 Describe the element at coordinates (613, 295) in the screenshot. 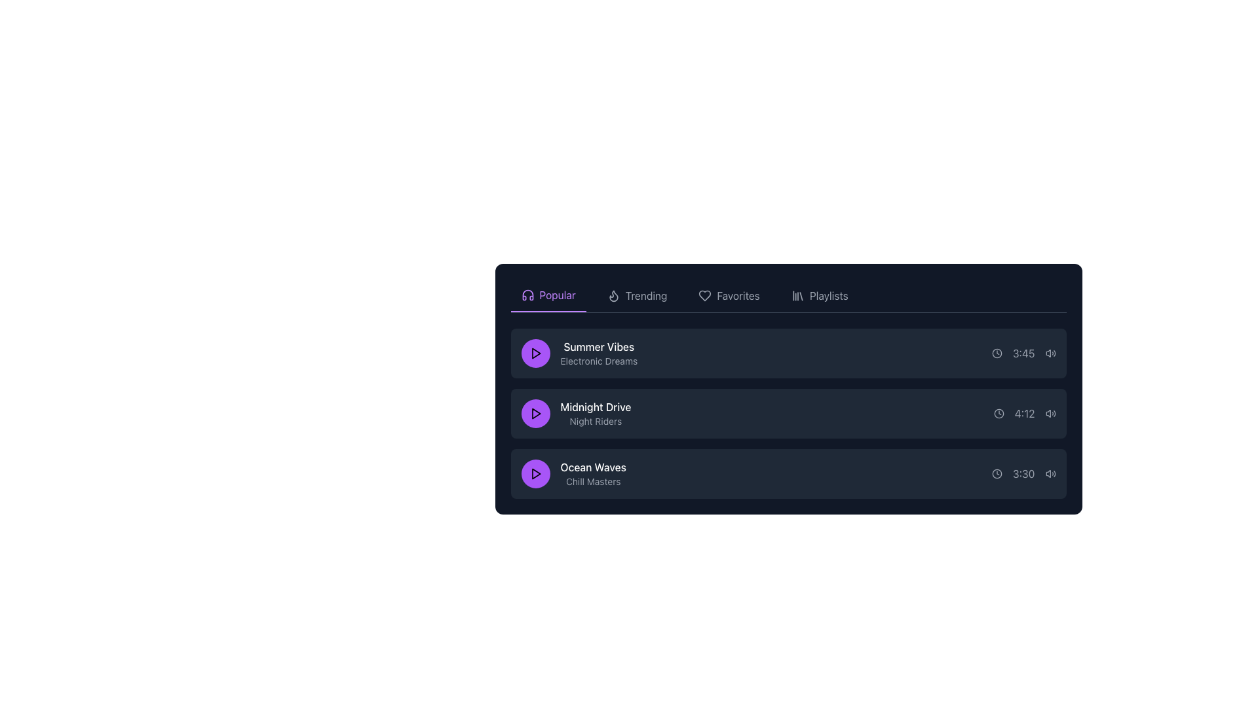

I see `the flame icon in the 'Trending' tab to trigger the tooltip display` at that location.